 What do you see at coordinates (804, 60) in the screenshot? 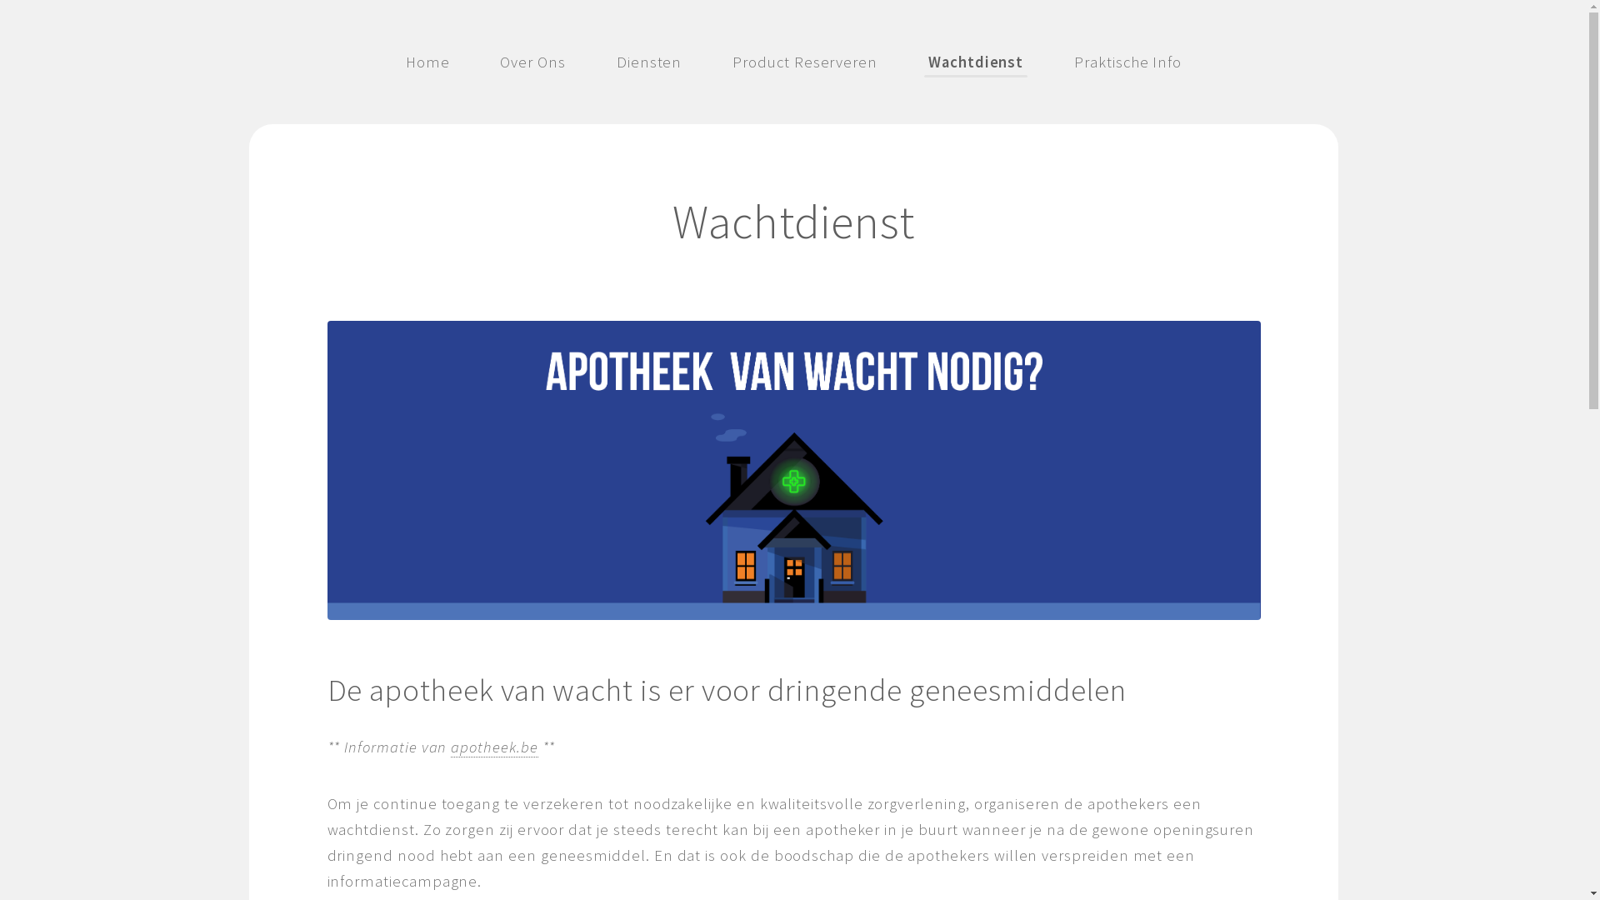
I see `'Product Reserveren'` at bounding box center [804, 60].